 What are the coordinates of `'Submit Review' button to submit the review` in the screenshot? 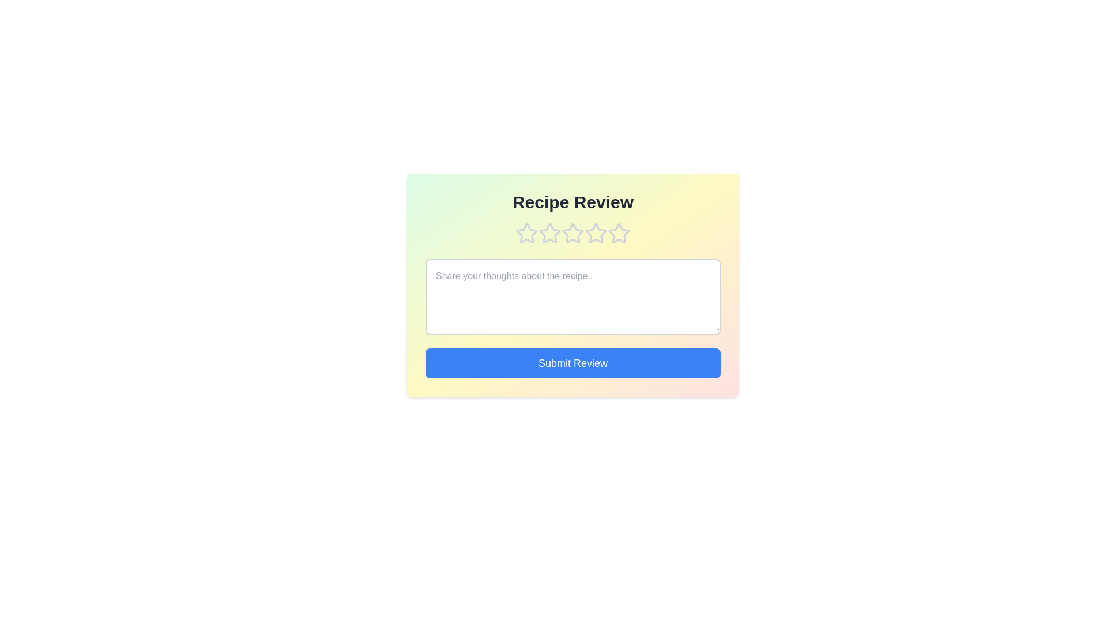 It's located at (573, 362).